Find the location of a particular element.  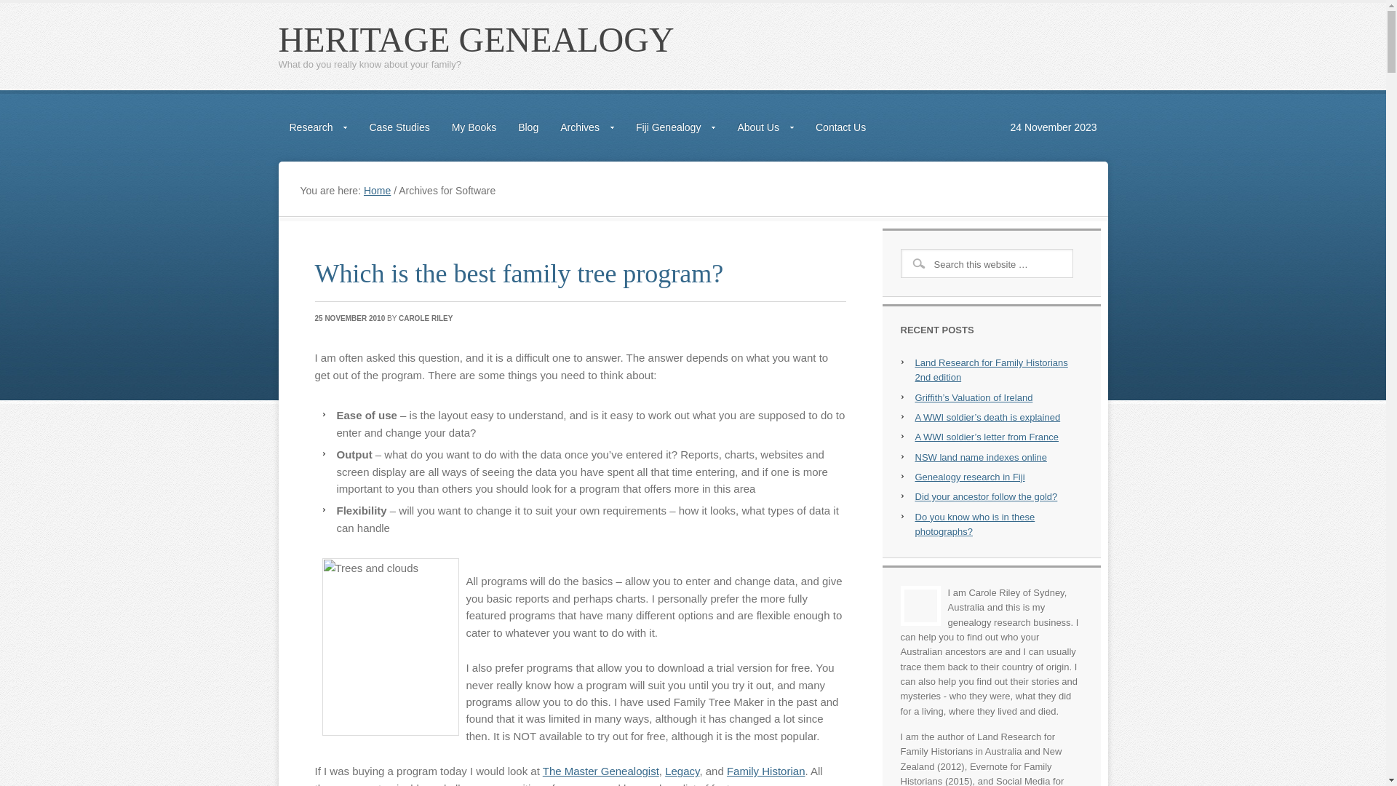

'Case Studies' is located at coordinates (357, 127).